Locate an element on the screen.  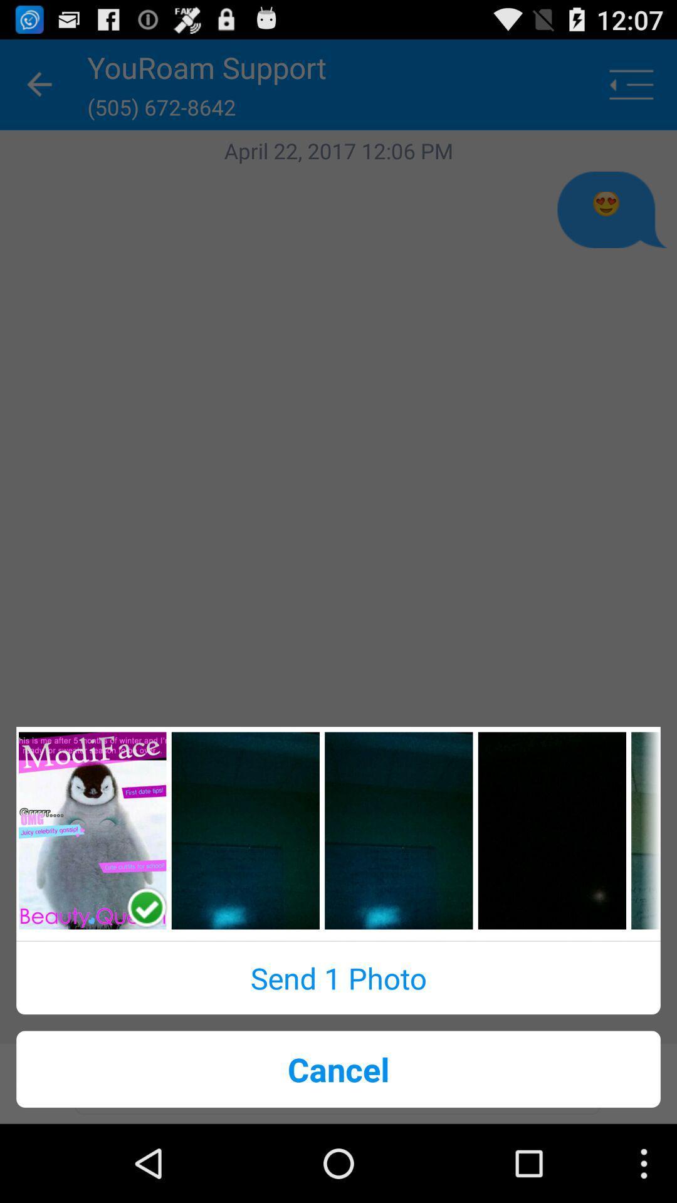
picture is located at coordinates (551, 830).